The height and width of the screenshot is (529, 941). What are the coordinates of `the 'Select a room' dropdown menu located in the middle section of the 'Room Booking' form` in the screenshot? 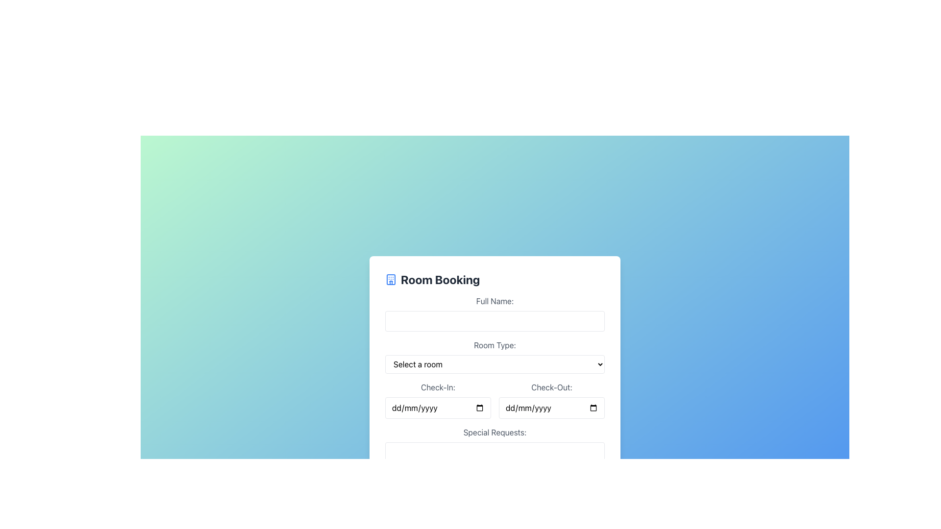 It's located at (495, 364).